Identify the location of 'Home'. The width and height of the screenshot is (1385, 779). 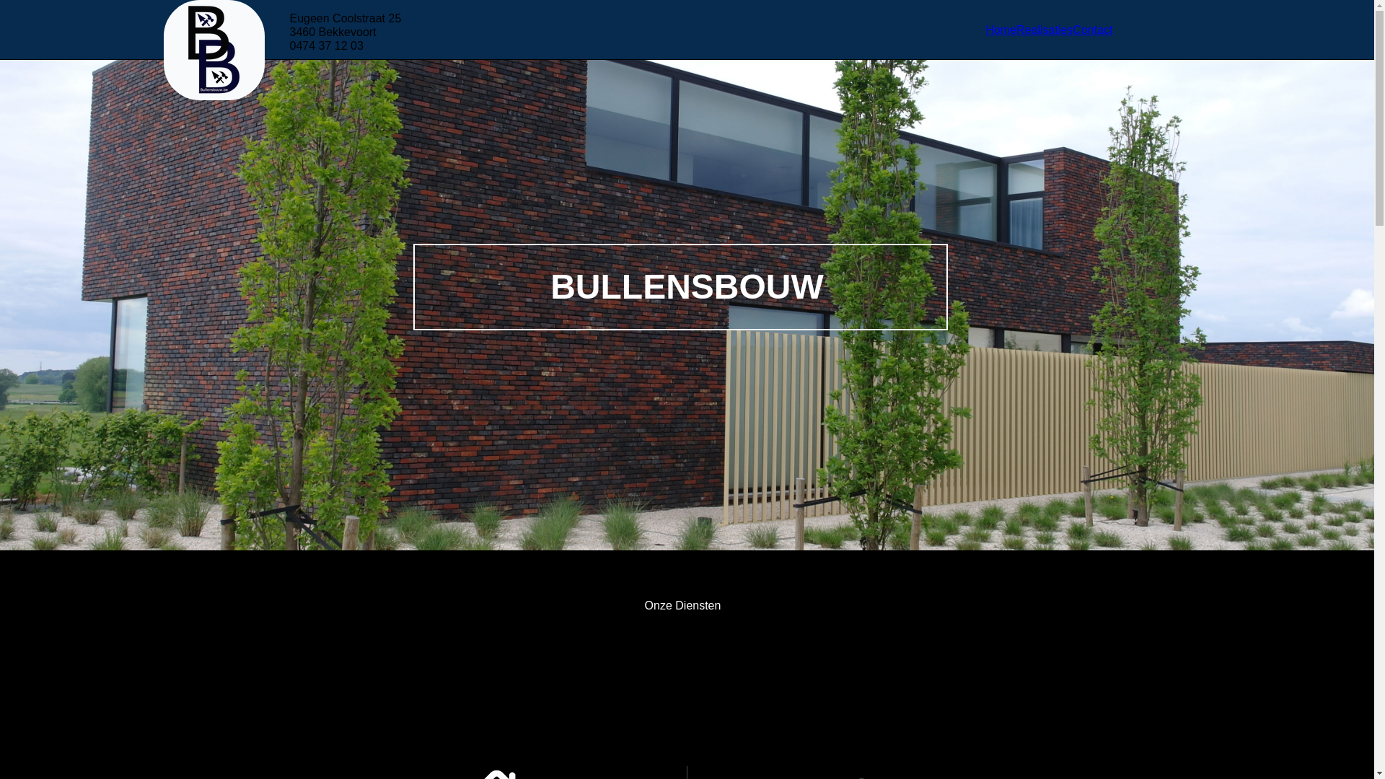
(1000, 30).